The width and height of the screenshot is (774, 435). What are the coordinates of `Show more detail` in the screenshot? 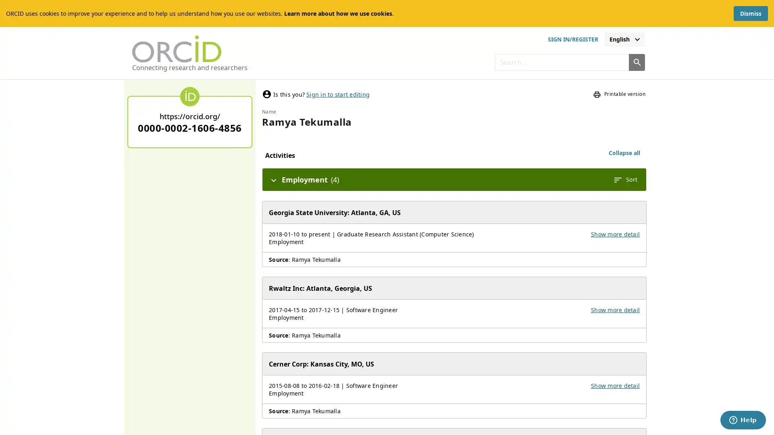 It's located at (615, 385).